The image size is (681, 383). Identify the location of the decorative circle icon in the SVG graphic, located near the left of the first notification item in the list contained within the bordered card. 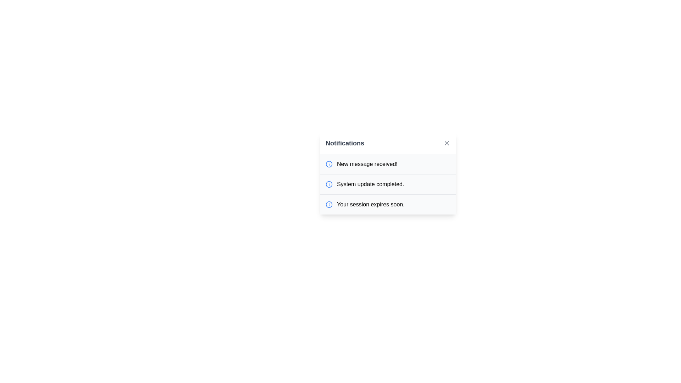
(328, 205).